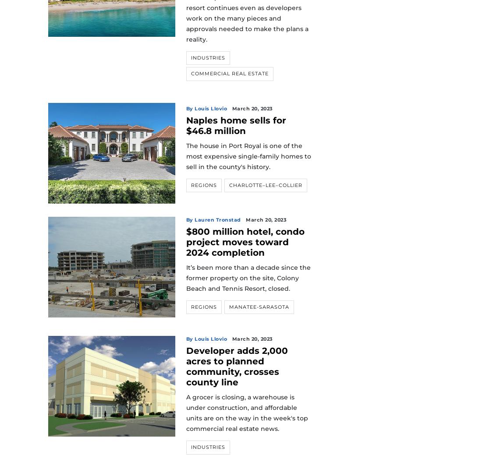 Image resolution: width=504 pixels, height=455 pixels. I want to click on 'Naples home sells for $46.8 million', so click(235, 125).